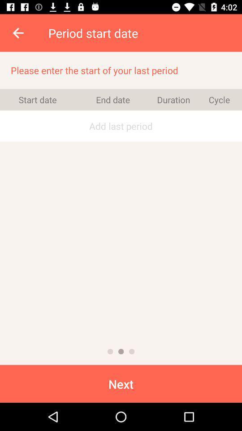 The image size is (242, 431). Describe the element at coordinates (131, 352) in the screenshot. I see `item above the next item` at that location.